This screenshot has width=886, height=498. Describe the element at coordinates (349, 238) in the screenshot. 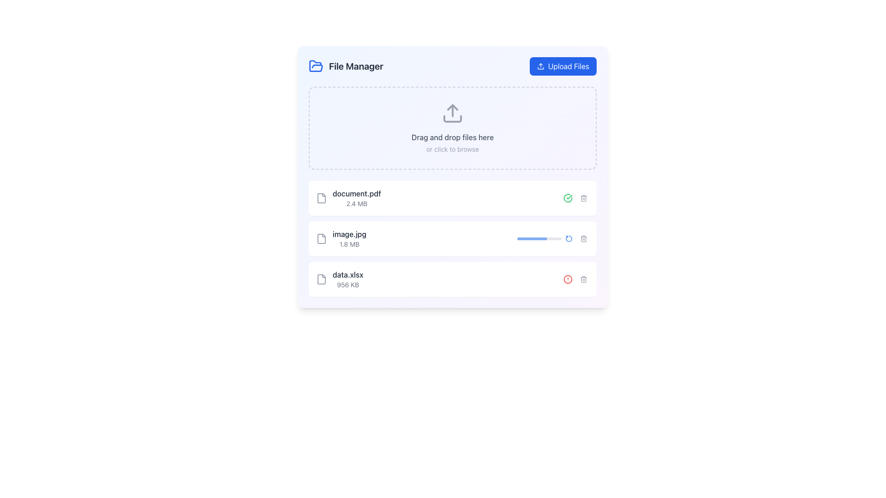

I see `the text label in the second row of the file list in the file manager interface` at that location.